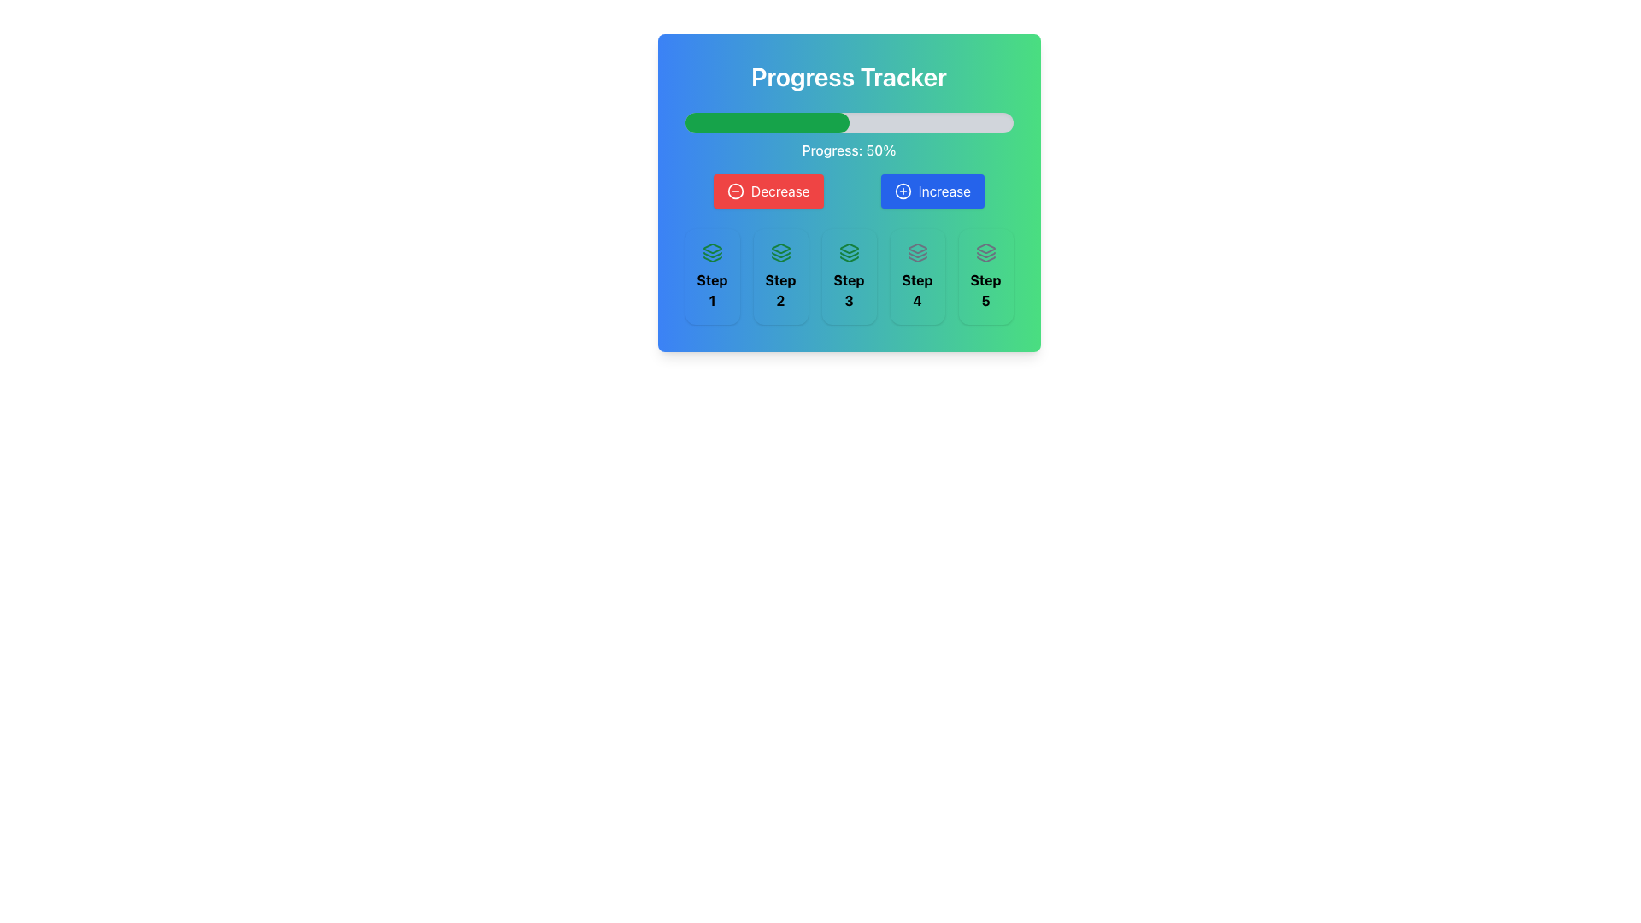  Describe the element at coordinates (712, 255) in the screenshot. I see `the second shape in the sequence of three layered shapes within the SVG graphic, representing steps or layers in an icon set` at that location.